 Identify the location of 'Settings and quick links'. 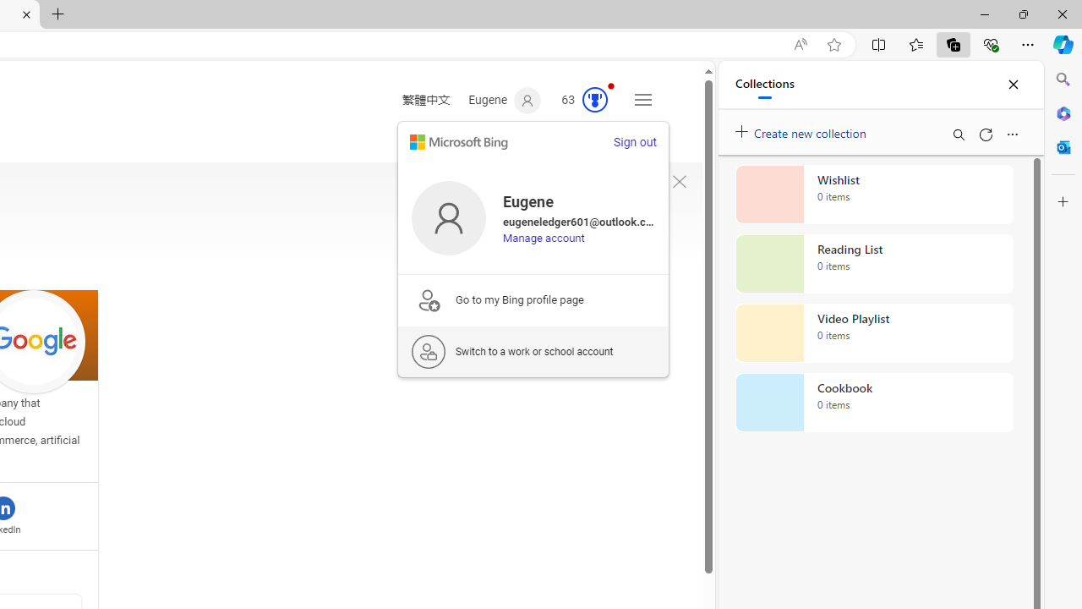
(642, 100).